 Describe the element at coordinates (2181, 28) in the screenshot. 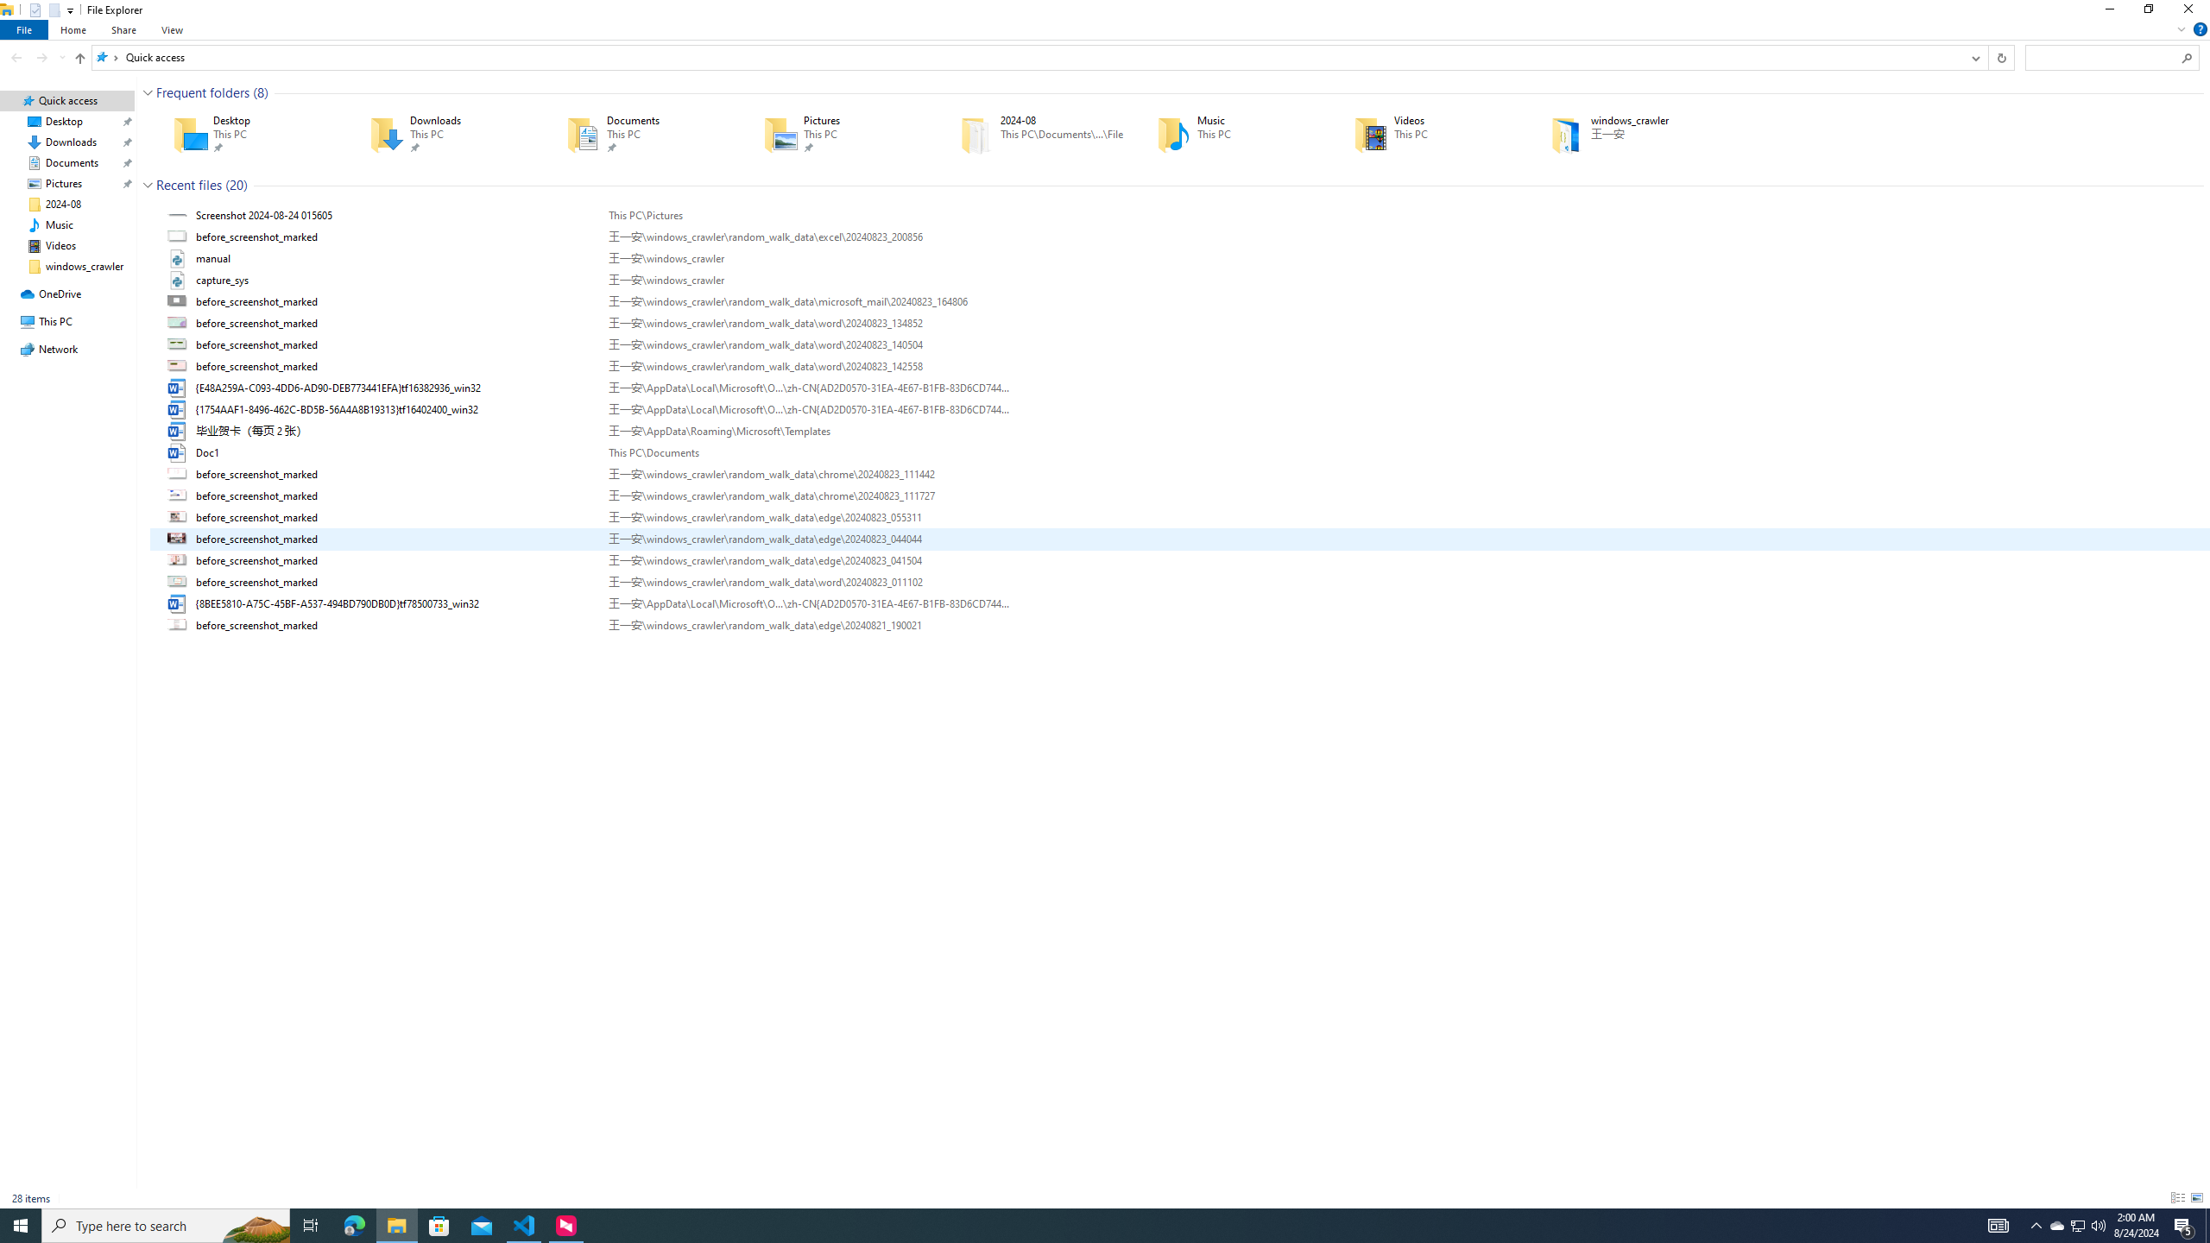

I see `'Minimize the Ribbon'` at that location.